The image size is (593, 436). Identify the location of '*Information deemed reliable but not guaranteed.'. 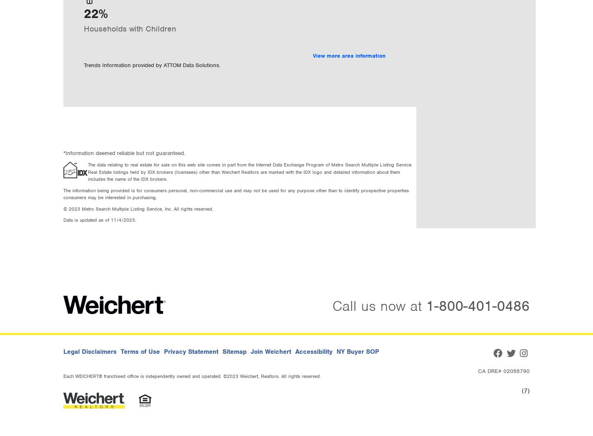
(124, 153).